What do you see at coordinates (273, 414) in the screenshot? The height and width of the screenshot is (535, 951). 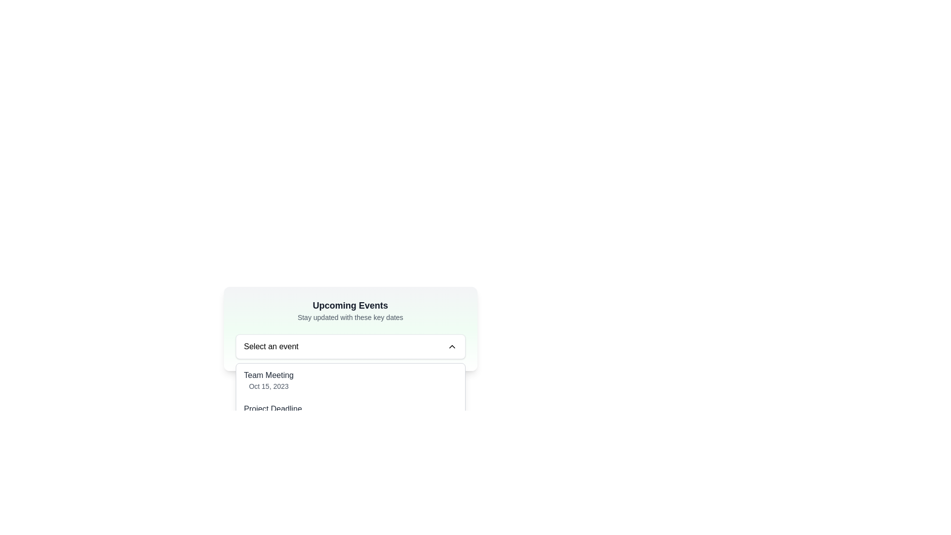 I see `the text element displaying 'Oct 20, 2023', which is the second item in the dropdown list under 'Upcoming Events'` at bounding box center [273, 414].